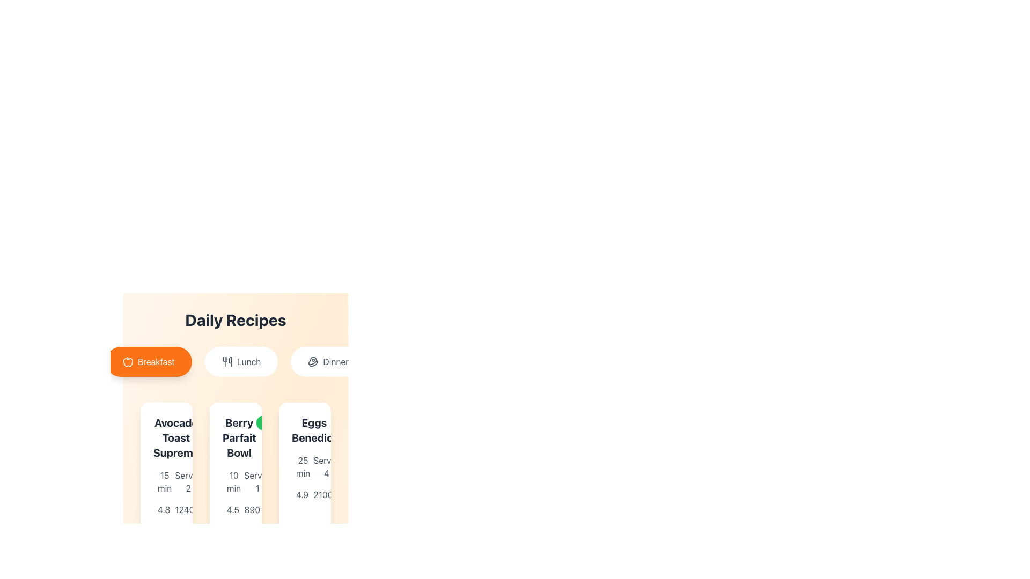 The height and width of the screenshot is (579, 1030). I want to click on the 'Eggs Benedict' recipe card located in the bottom-right quadrant of the 'Daily Recipes' section, so click(304, 464).